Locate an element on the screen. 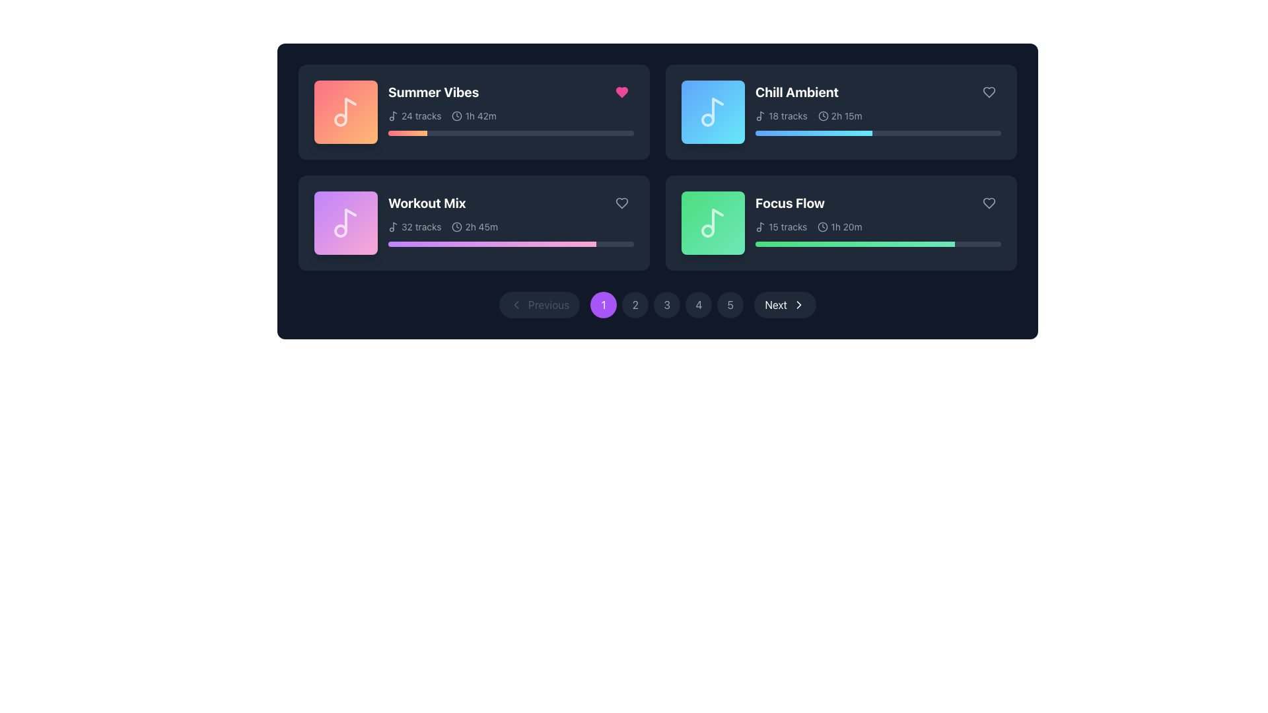  the circular button marked with the number '3' in dark gray is located at coordinates (658, 305).